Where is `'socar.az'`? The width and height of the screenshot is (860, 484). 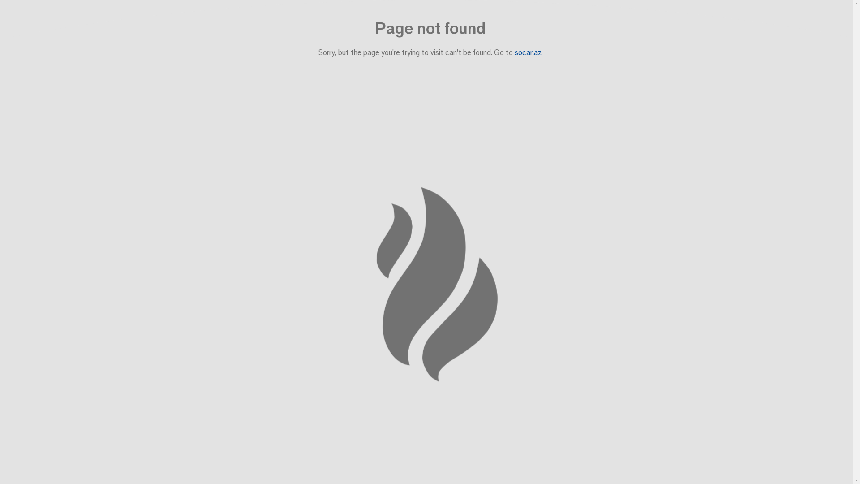 'socar.az' is located at coordinates (514, 52).